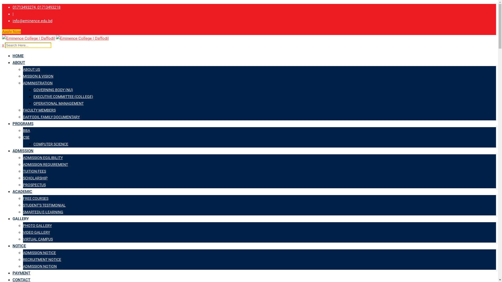 This screenshot has height=282, width=502. Describe the element at coordinates (53, 89) in the screenshot. I see `'GOVERNING BODY (NU)'` at that location.